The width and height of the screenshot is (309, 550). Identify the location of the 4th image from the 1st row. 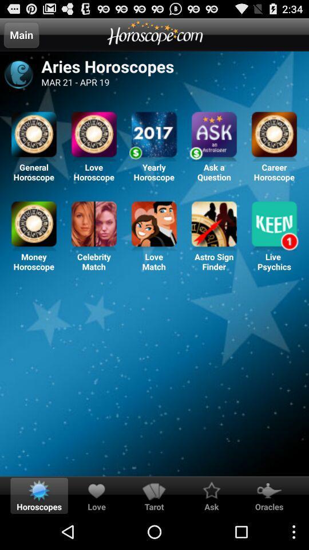
(214, 136).